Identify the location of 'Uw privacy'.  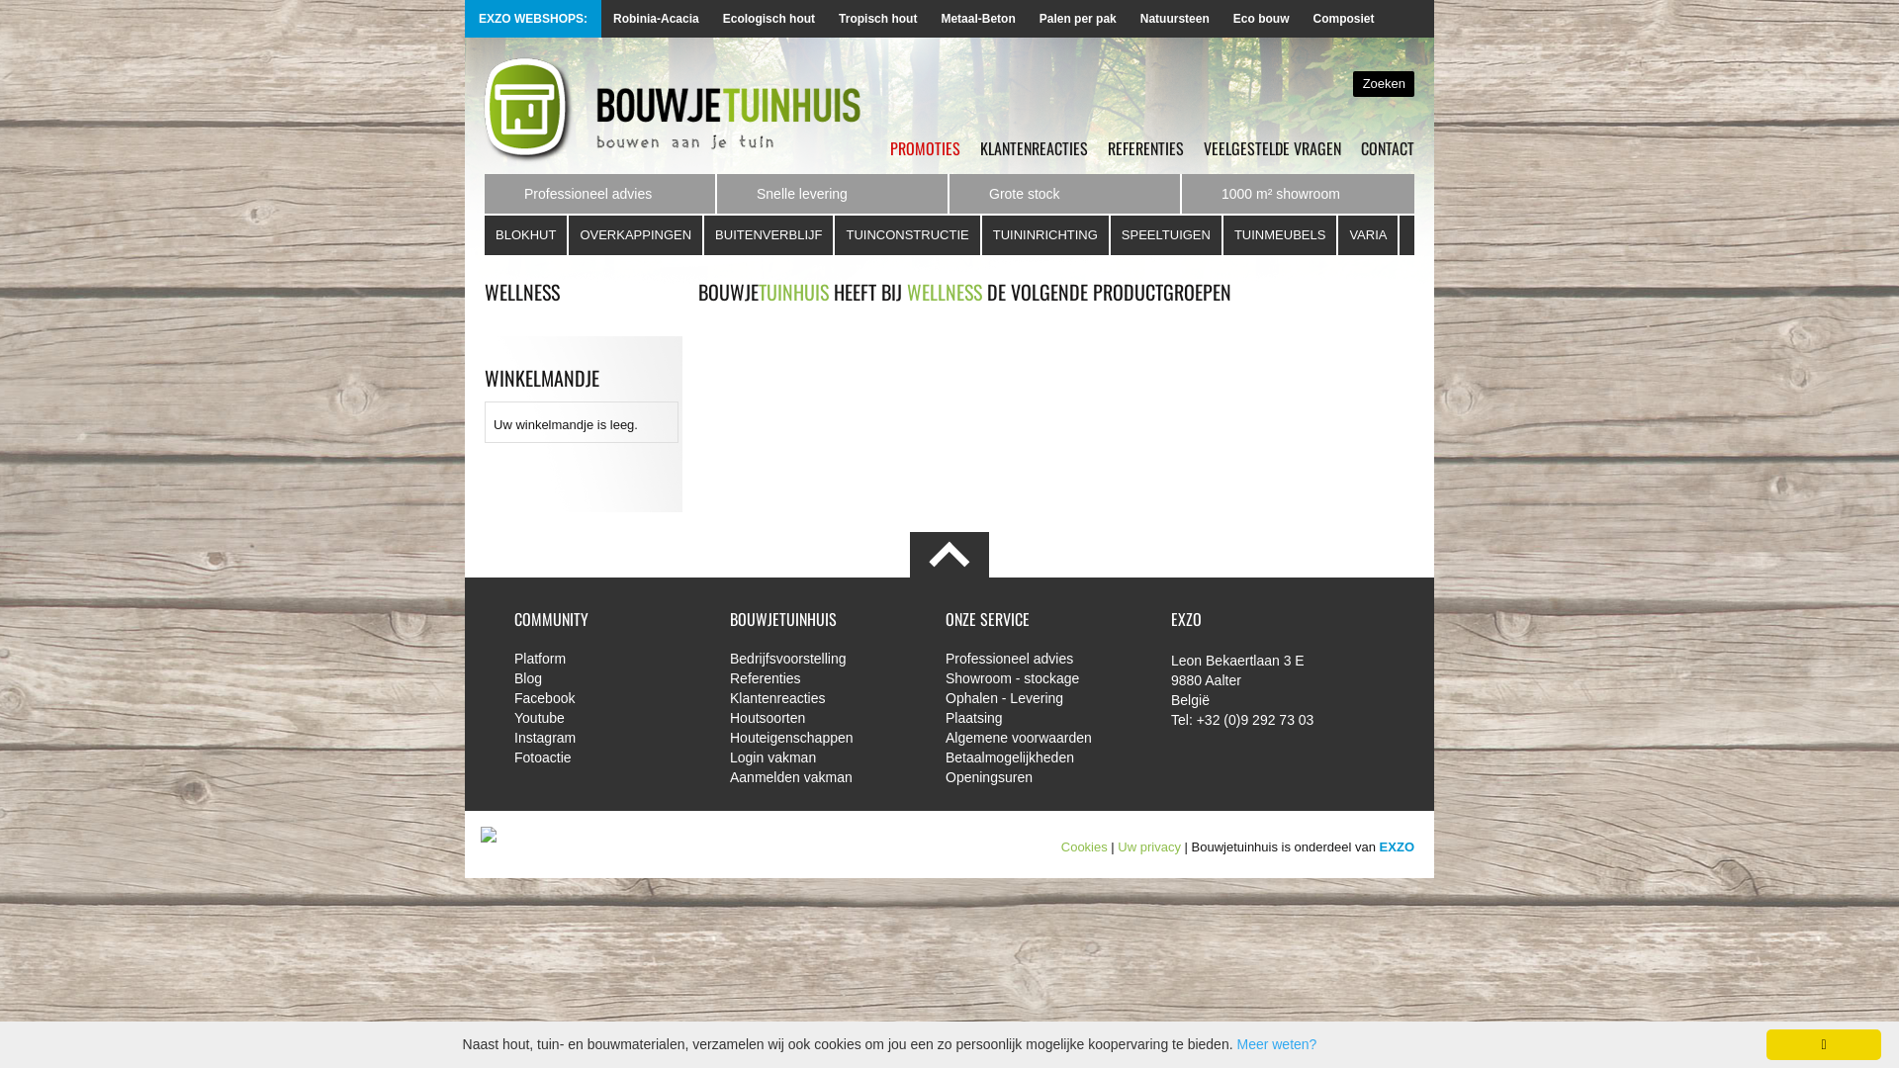
(1148, 845).